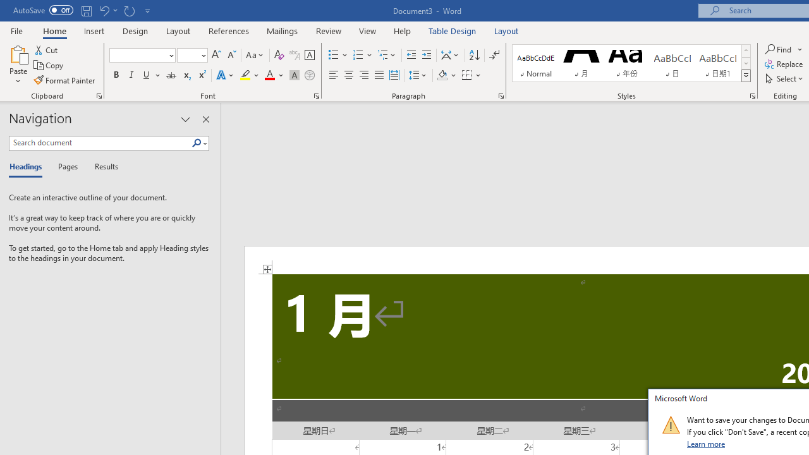 Image resolution: width=809 pixels, height=455 pixels. I want to click on 'Distributed', so click(394, 75).